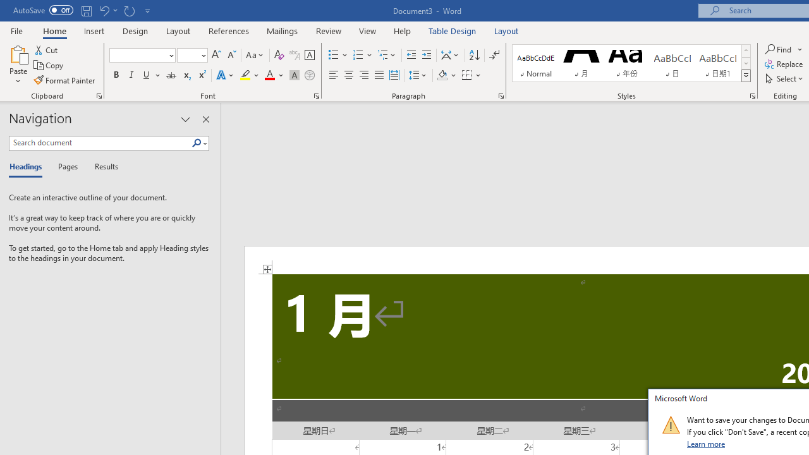 Image resolution: width=809 pixels, height=455 pixels. I want to click on 'Distributed', so click(394, 75).